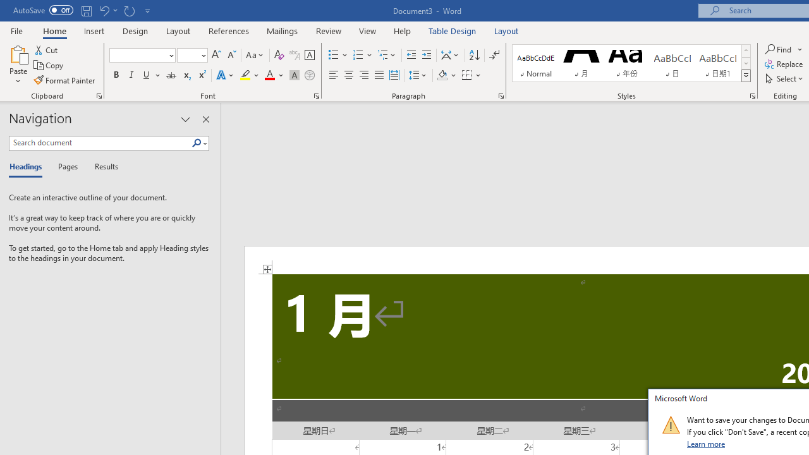 Image resolution: width=809 pixels, height=455 pixels. I want to click on 'Distributed', so click(394, 75).